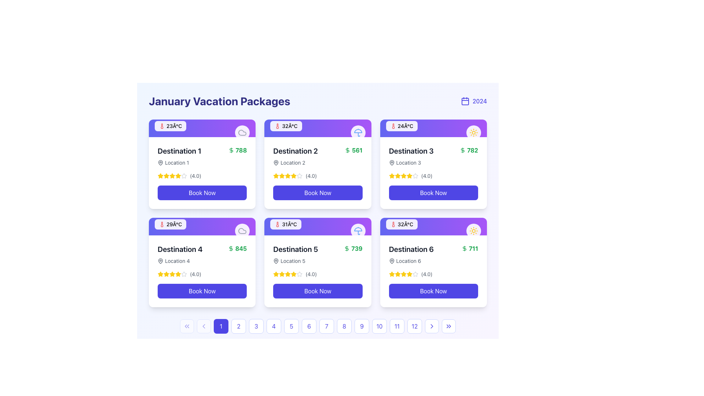 This screenshot has width=704, height=396. What do you see at coordinates (241, 150) in the screenshot?
I see `the text label displaying the price associated with the vacation package in the first card labeled 'Destination 1', located next to the green dollar symbol` at bounding box center [241, 150].